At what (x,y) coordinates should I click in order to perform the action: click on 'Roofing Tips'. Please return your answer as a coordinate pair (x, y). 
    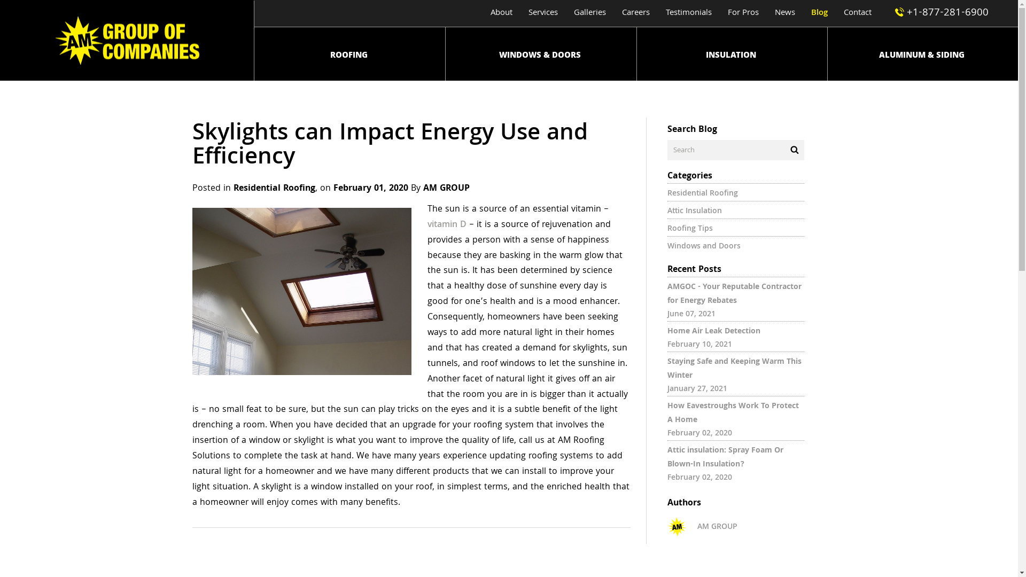
    Looking at the image, I should click on (690, 228).